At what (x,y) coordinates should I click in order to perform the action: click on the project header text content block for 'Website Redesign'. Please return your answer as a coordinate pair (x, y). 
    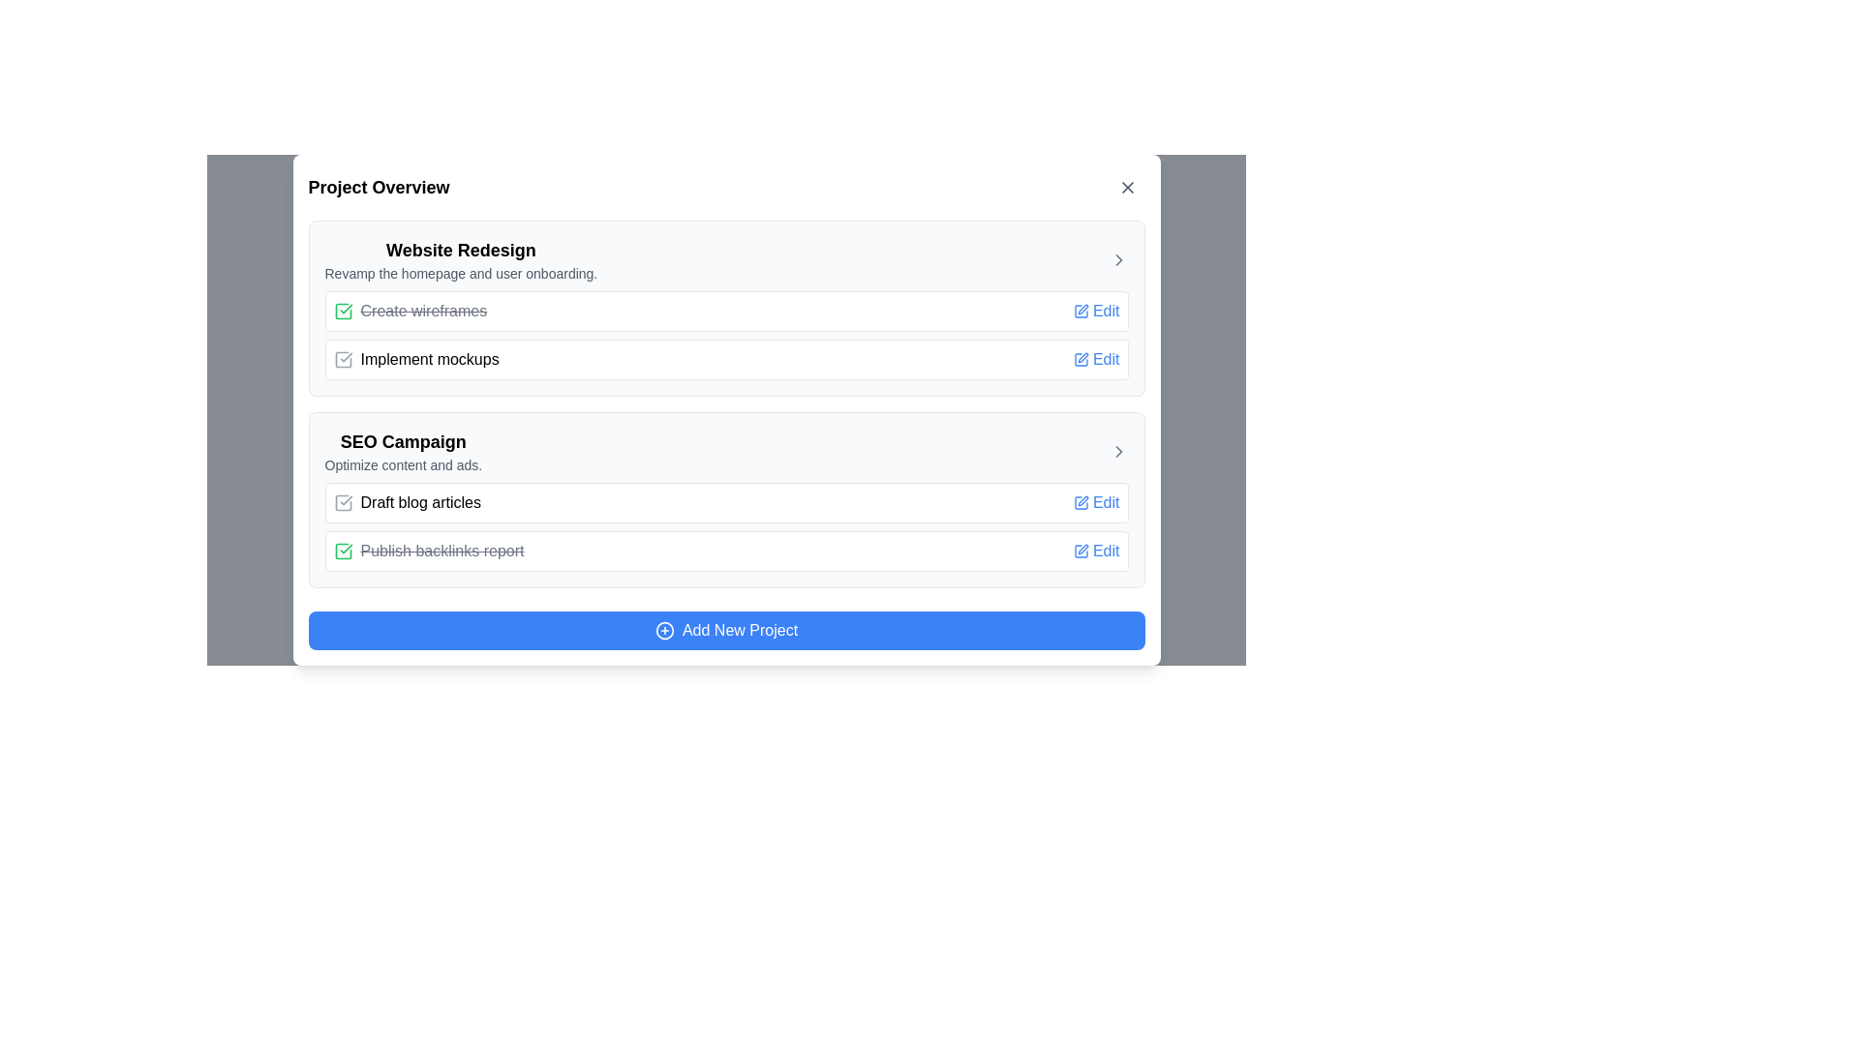
    Looking at the image, I should click on (460, 259).